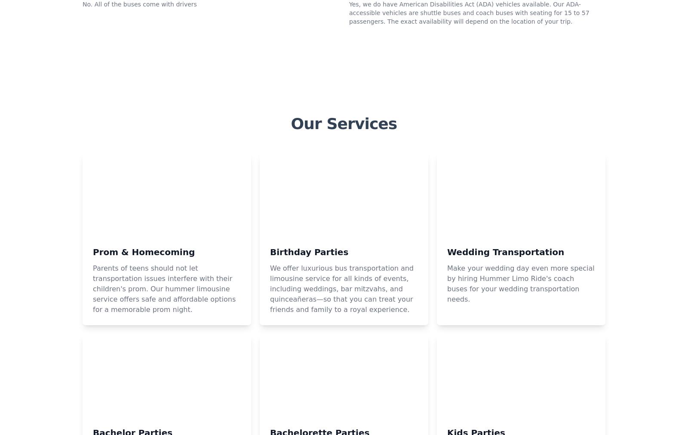 The width and height of the screenshot is (688, 435). What do you see at coordinates (450, 3) in the screenshot?
I see `'How much does a party bus rental in
          Hammondsport          cost?'` at bounding box center [450, 3].